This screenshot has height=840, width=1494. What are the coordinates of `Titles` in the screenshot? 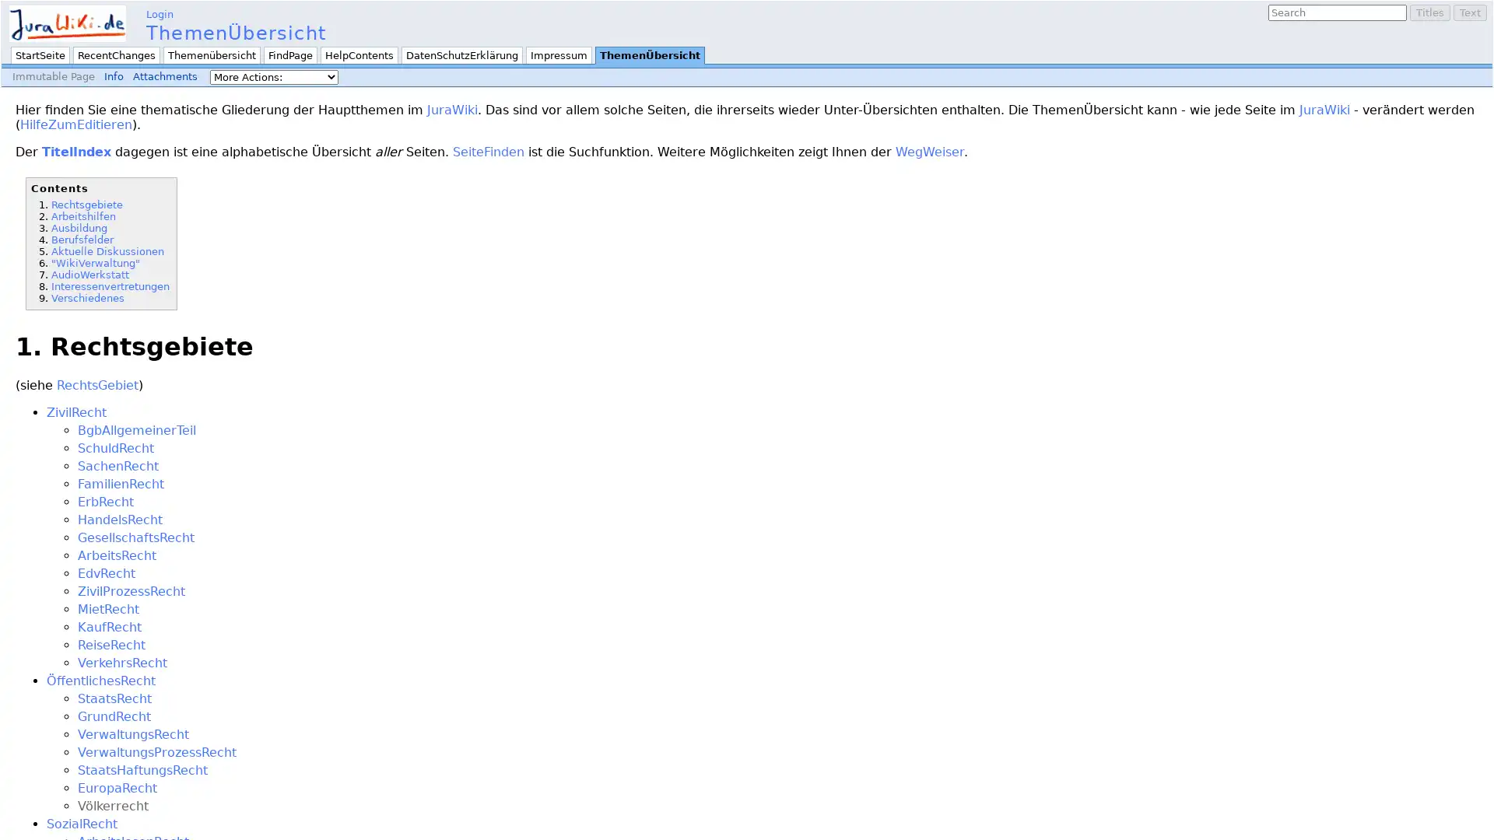 It's located at (1430, 12).